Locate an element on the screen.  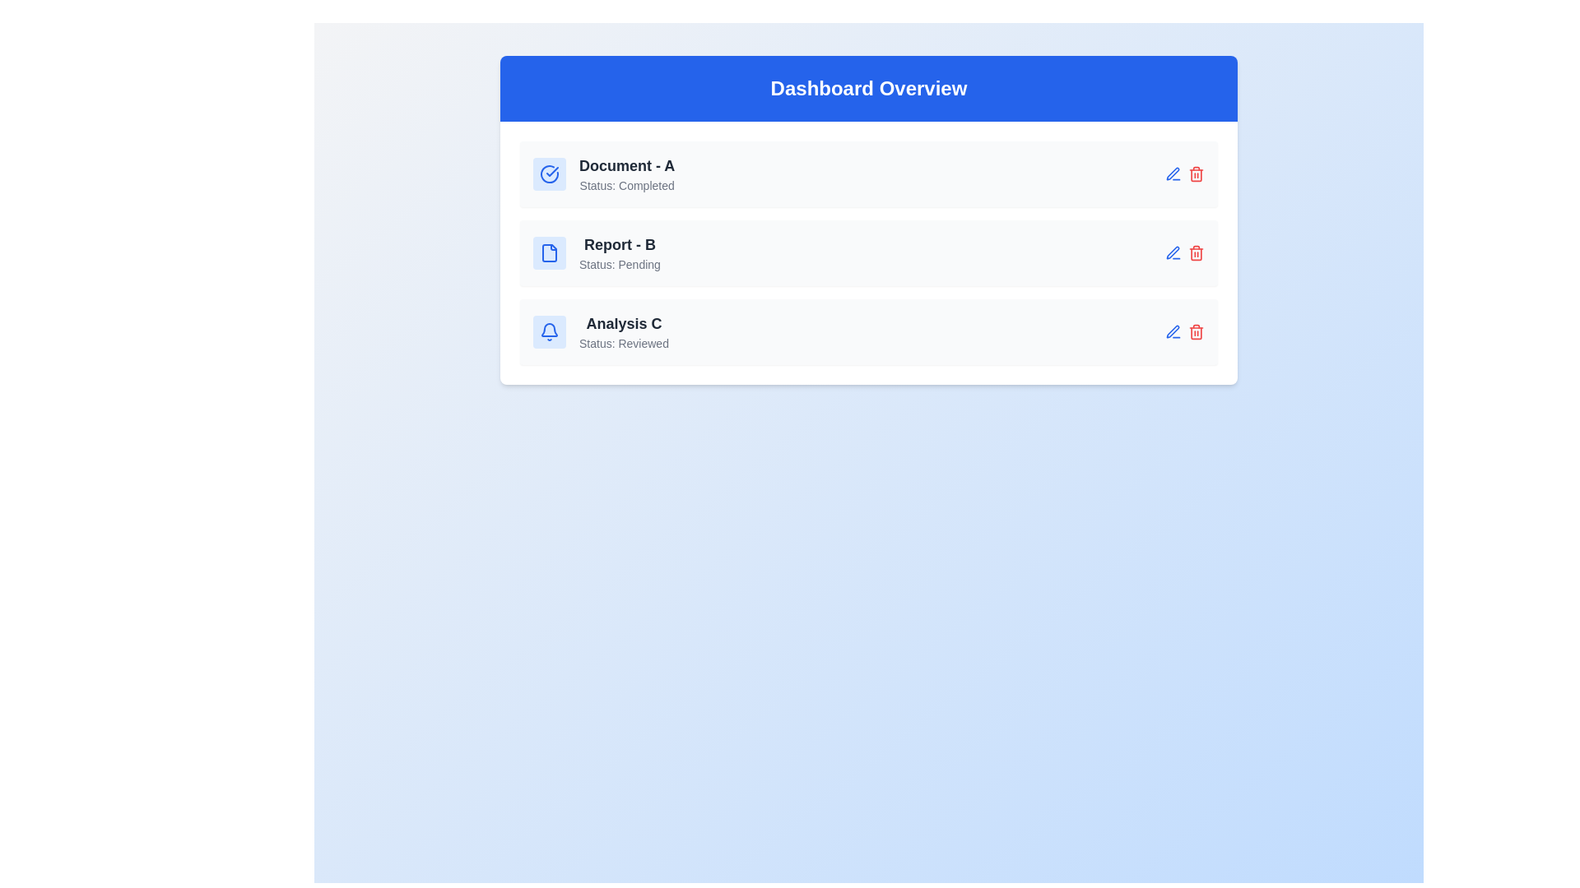
the content displayed in the informational block labeled 'Report - B', which shows the status as 'Pending' is located at coordinates (596, 253).